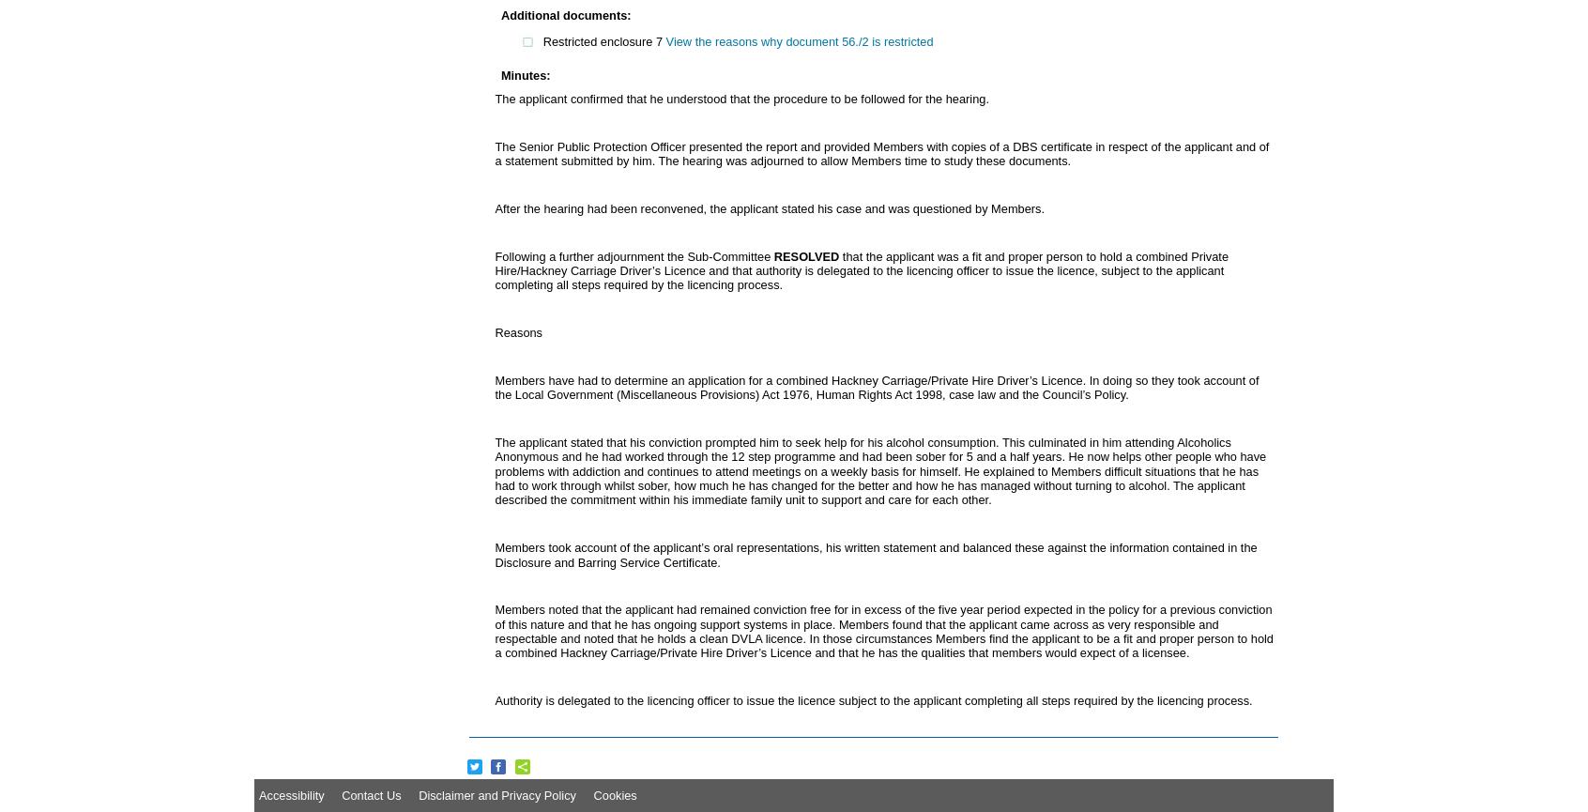  Describe the element at coordinates (495, 699) in the screenshot. I see `'Authority is delegated to the licencing
officer to issue the licence subject to the applicant completing
all steps required by the licencing process.'` at that location.